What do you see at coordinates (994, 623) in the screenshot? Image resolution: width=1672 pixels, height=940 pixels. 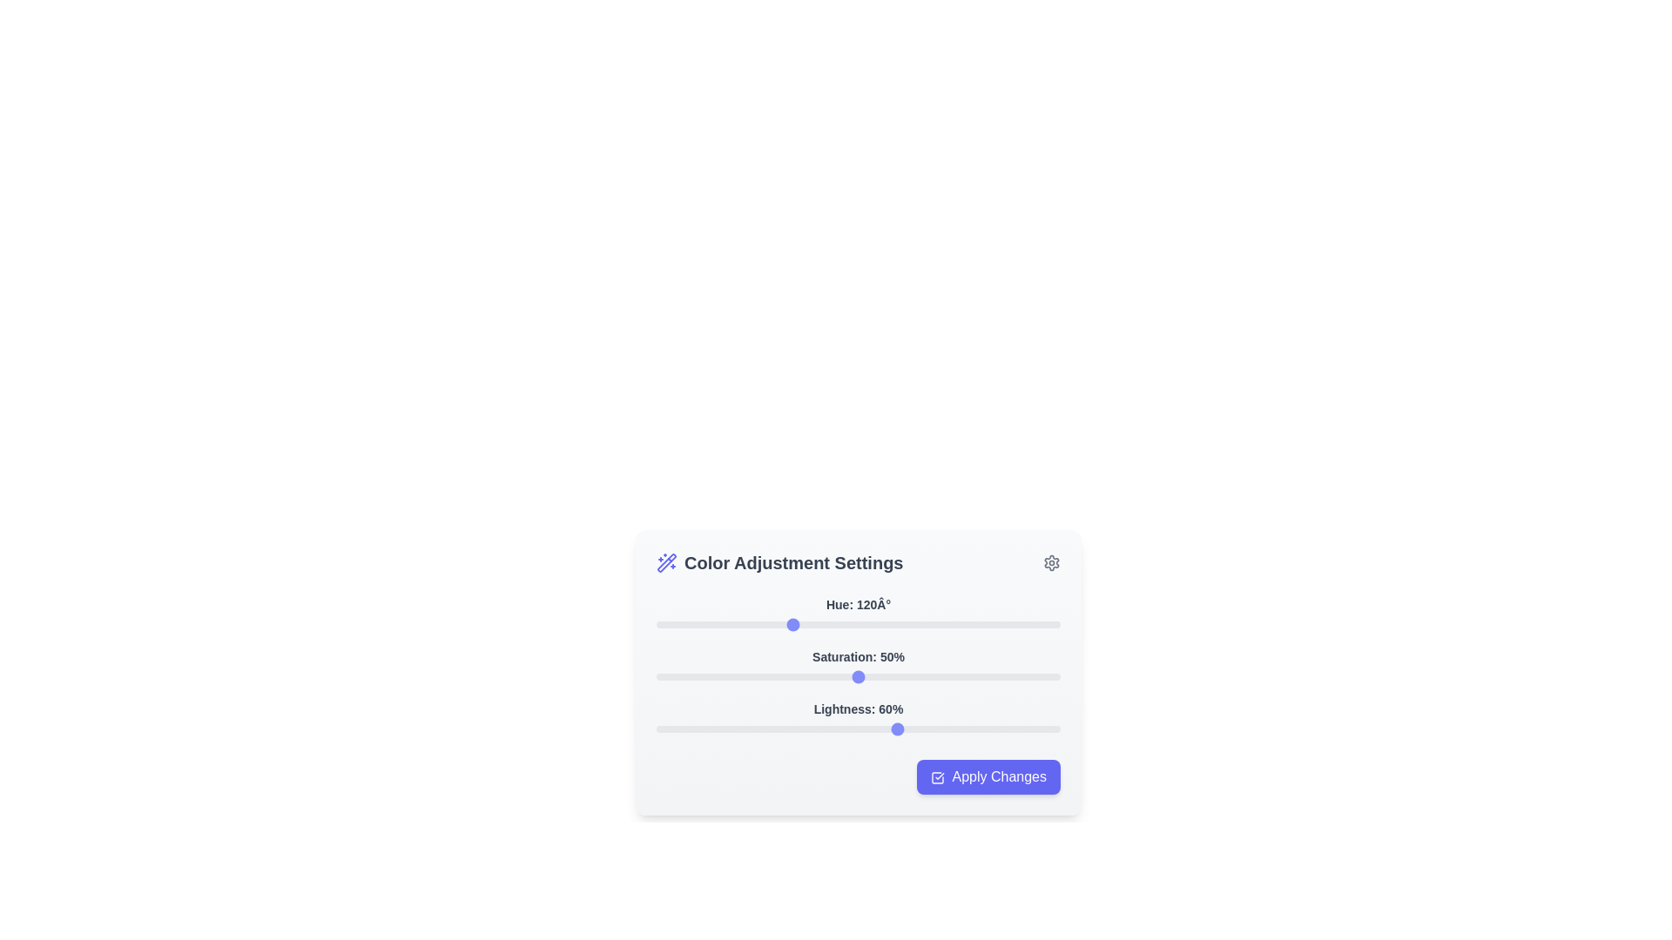 I see `hue` at bounding box center [994, 623].